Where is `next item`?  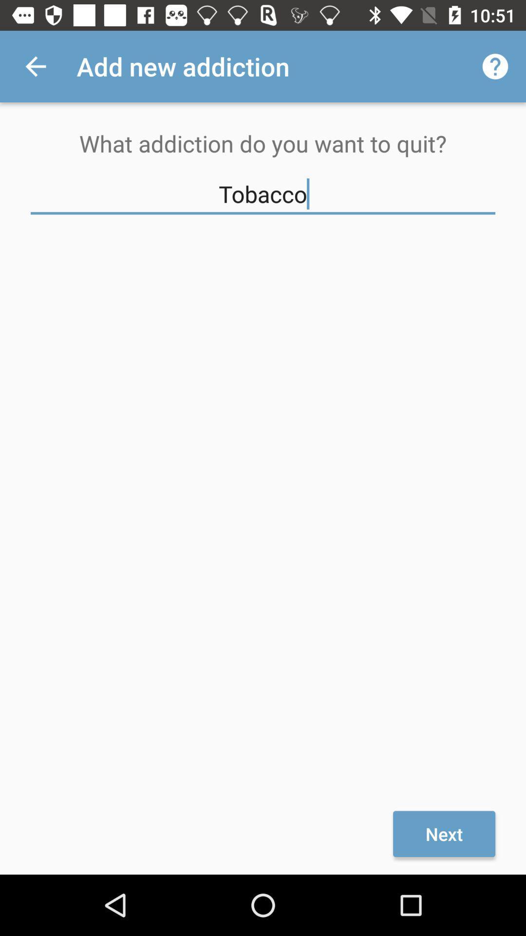
next item is located at coordinates (444, 833).